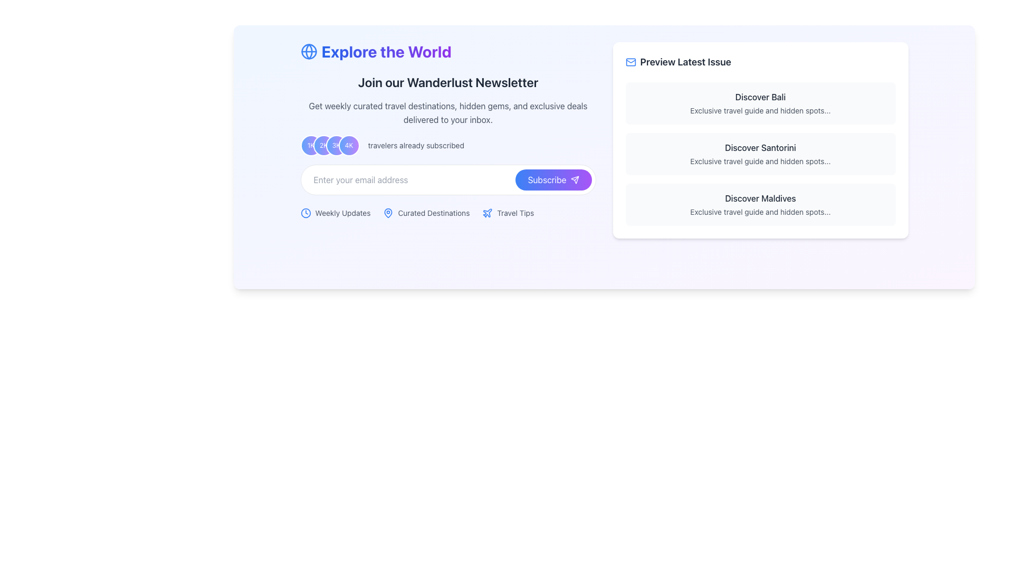 The width and height of the screenshot is (1013, 570). I want to click on the static text element that reads 'Join our Wanderlust Newsletter', which is prominently styled and centrally aligned at the top of its section, so click(448, 81).